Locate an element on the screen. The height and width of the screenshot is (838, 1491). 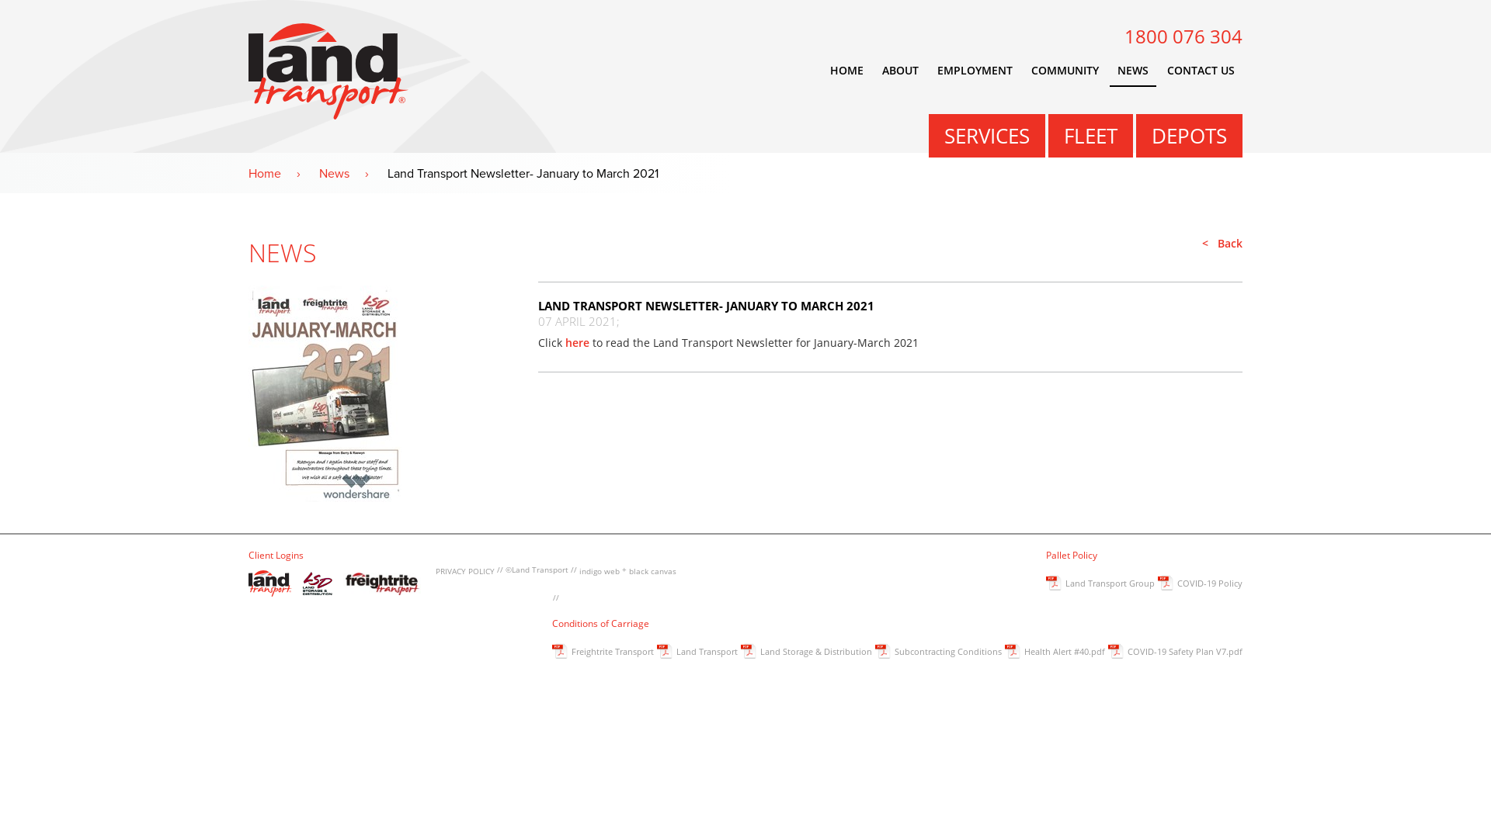
'COVID-19 Safety Plan V7.pdf' is located at coordinates (1175, 653).